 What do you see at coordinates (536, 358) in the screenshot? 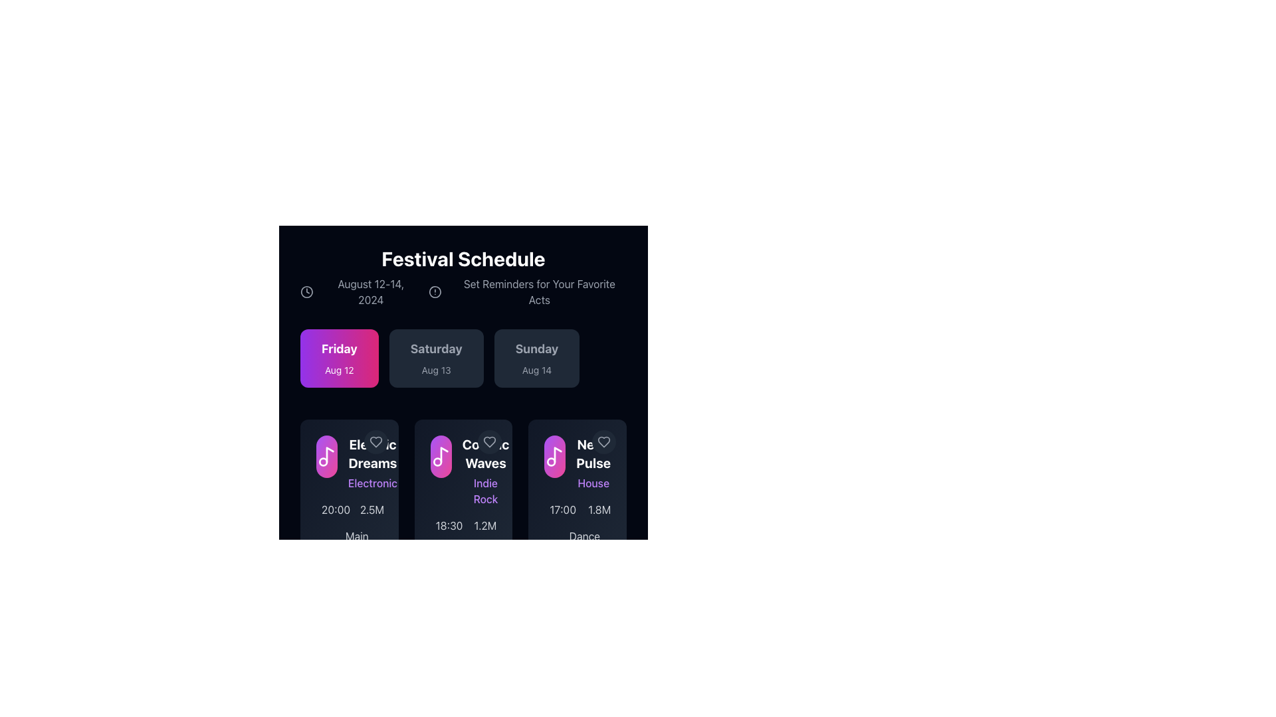
I see `the schedule button for Sunday, August 14, which is the third element in a horizontal list of date-related buttons, located between the Saturday Aug 13 button and empty space` at bounding box center [536, 358].